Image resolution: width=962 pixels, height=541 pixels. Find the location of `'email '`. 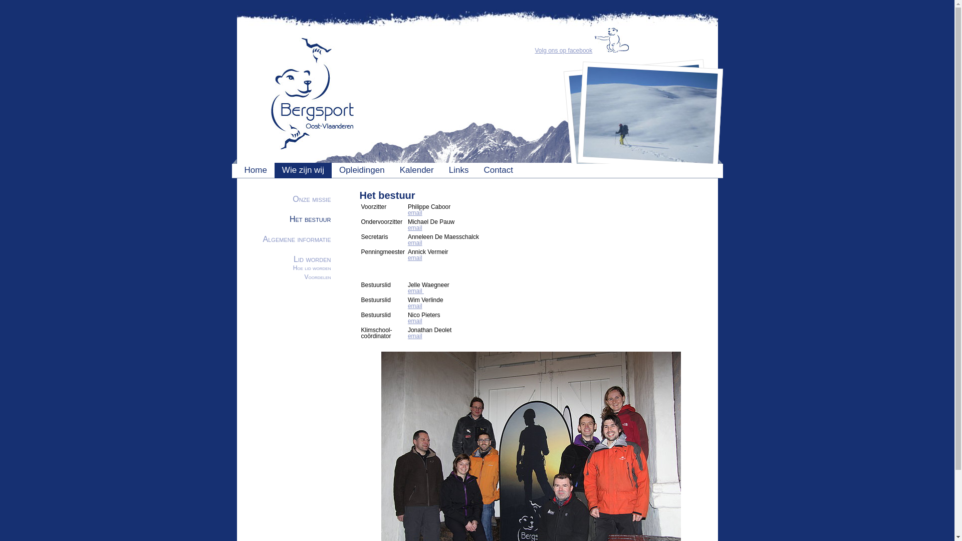

'email ' is located at coordinates (416, 291).